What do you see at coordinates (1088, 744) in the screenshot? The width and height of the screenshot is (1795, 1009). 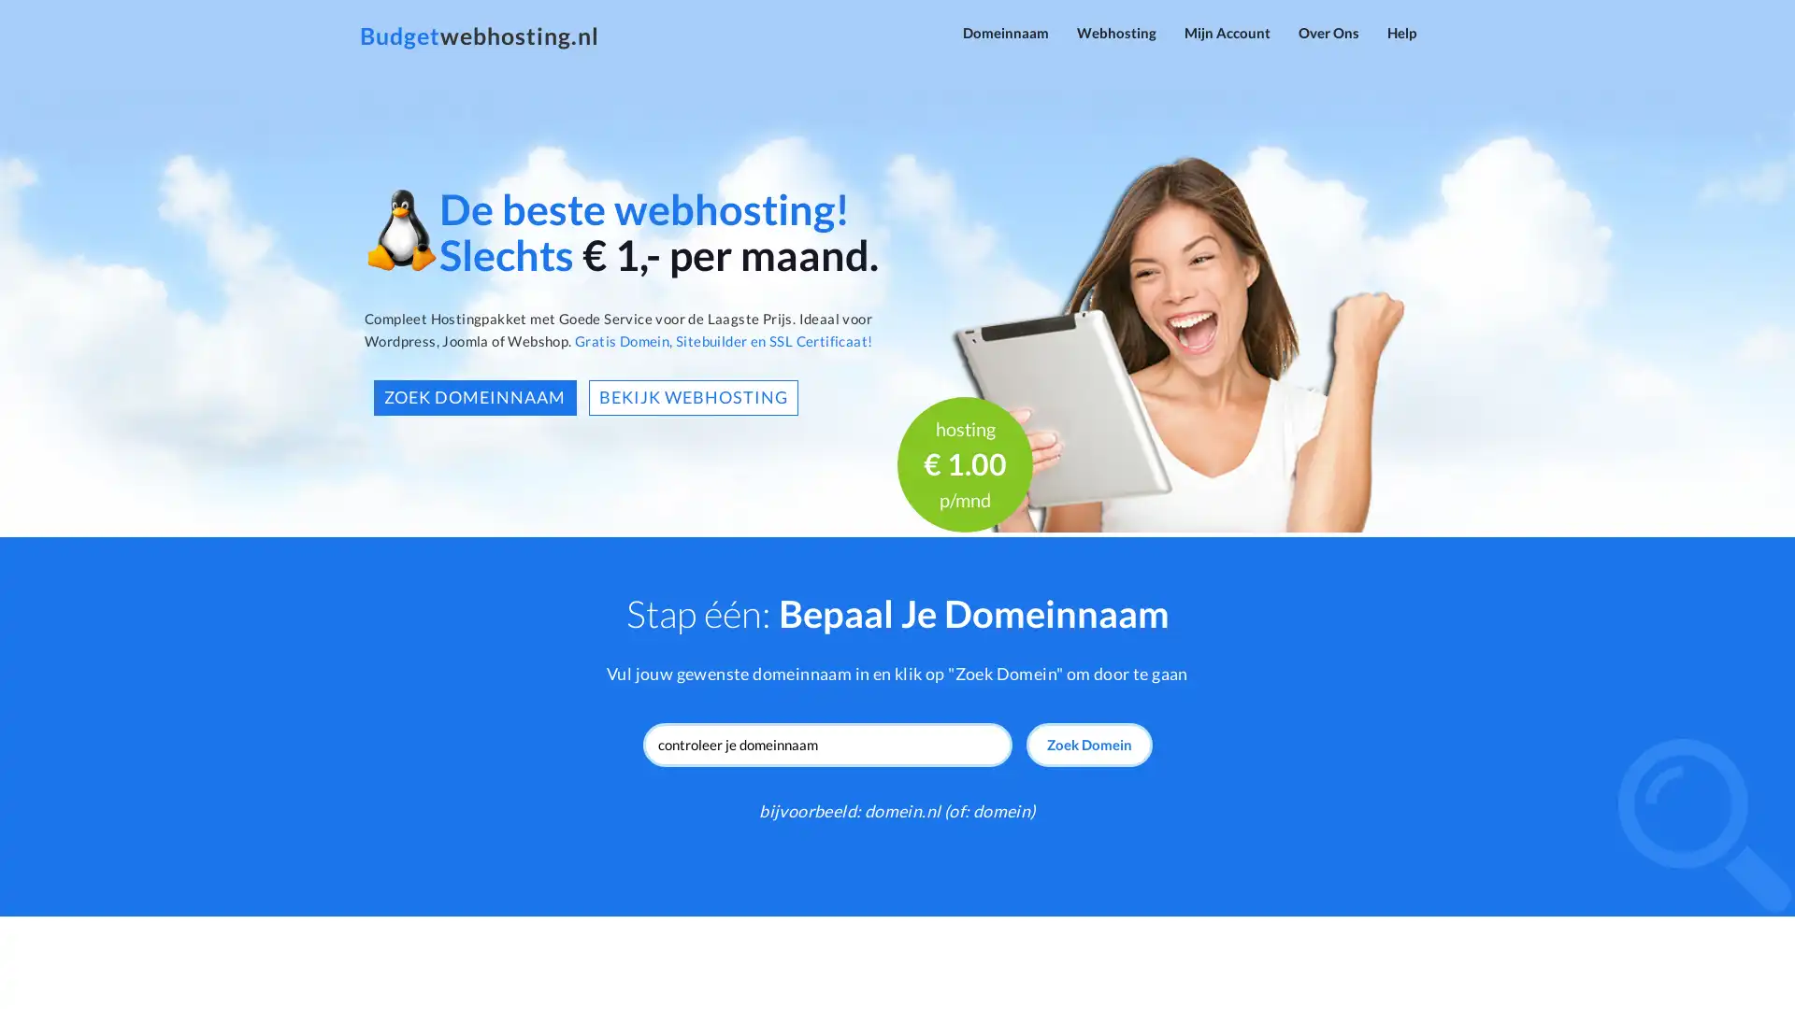 I see `Zoek Domein` at bounding box center [1088, 744].